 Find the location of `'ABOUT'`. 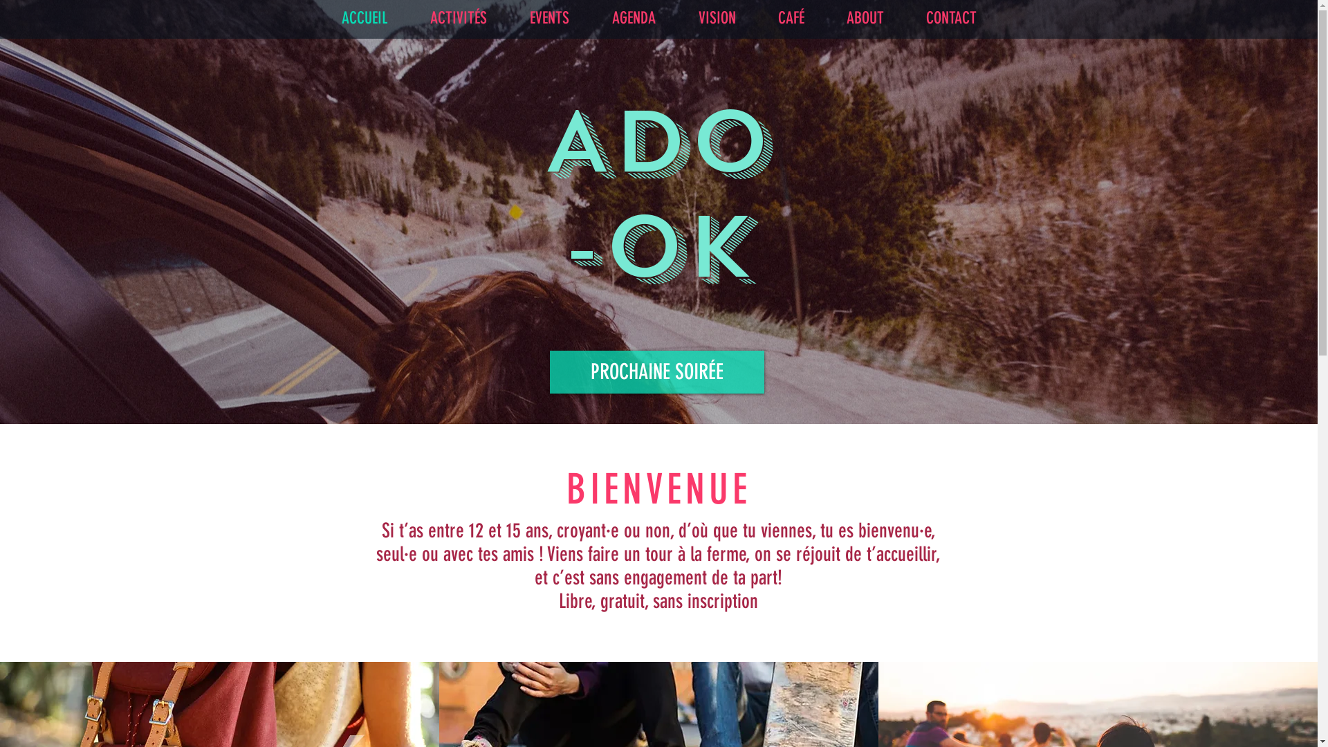

'ABOUT' is located at coordinates (825, 18).